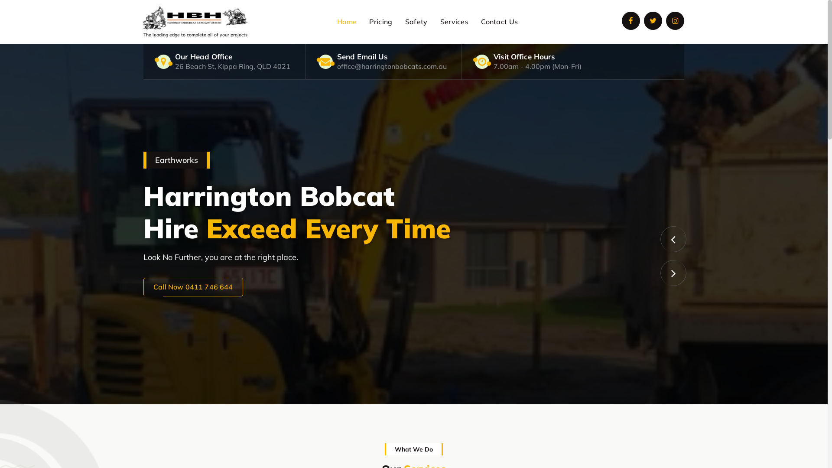  Describe the element at coordinates (391, 66) in the screenshot. I see `'office@harringtonbobcats.com.au'` at that location.